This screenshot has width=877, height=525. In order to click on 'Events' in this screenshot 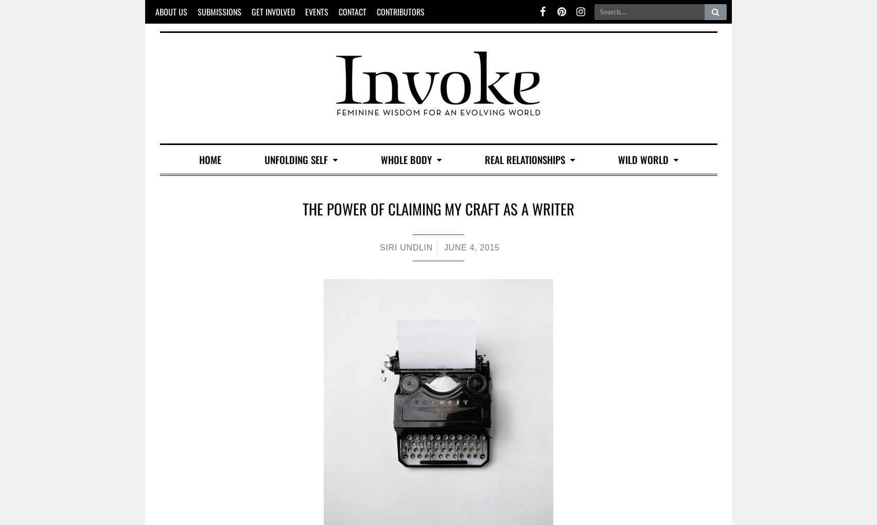, I will do `click(317, 11)`.